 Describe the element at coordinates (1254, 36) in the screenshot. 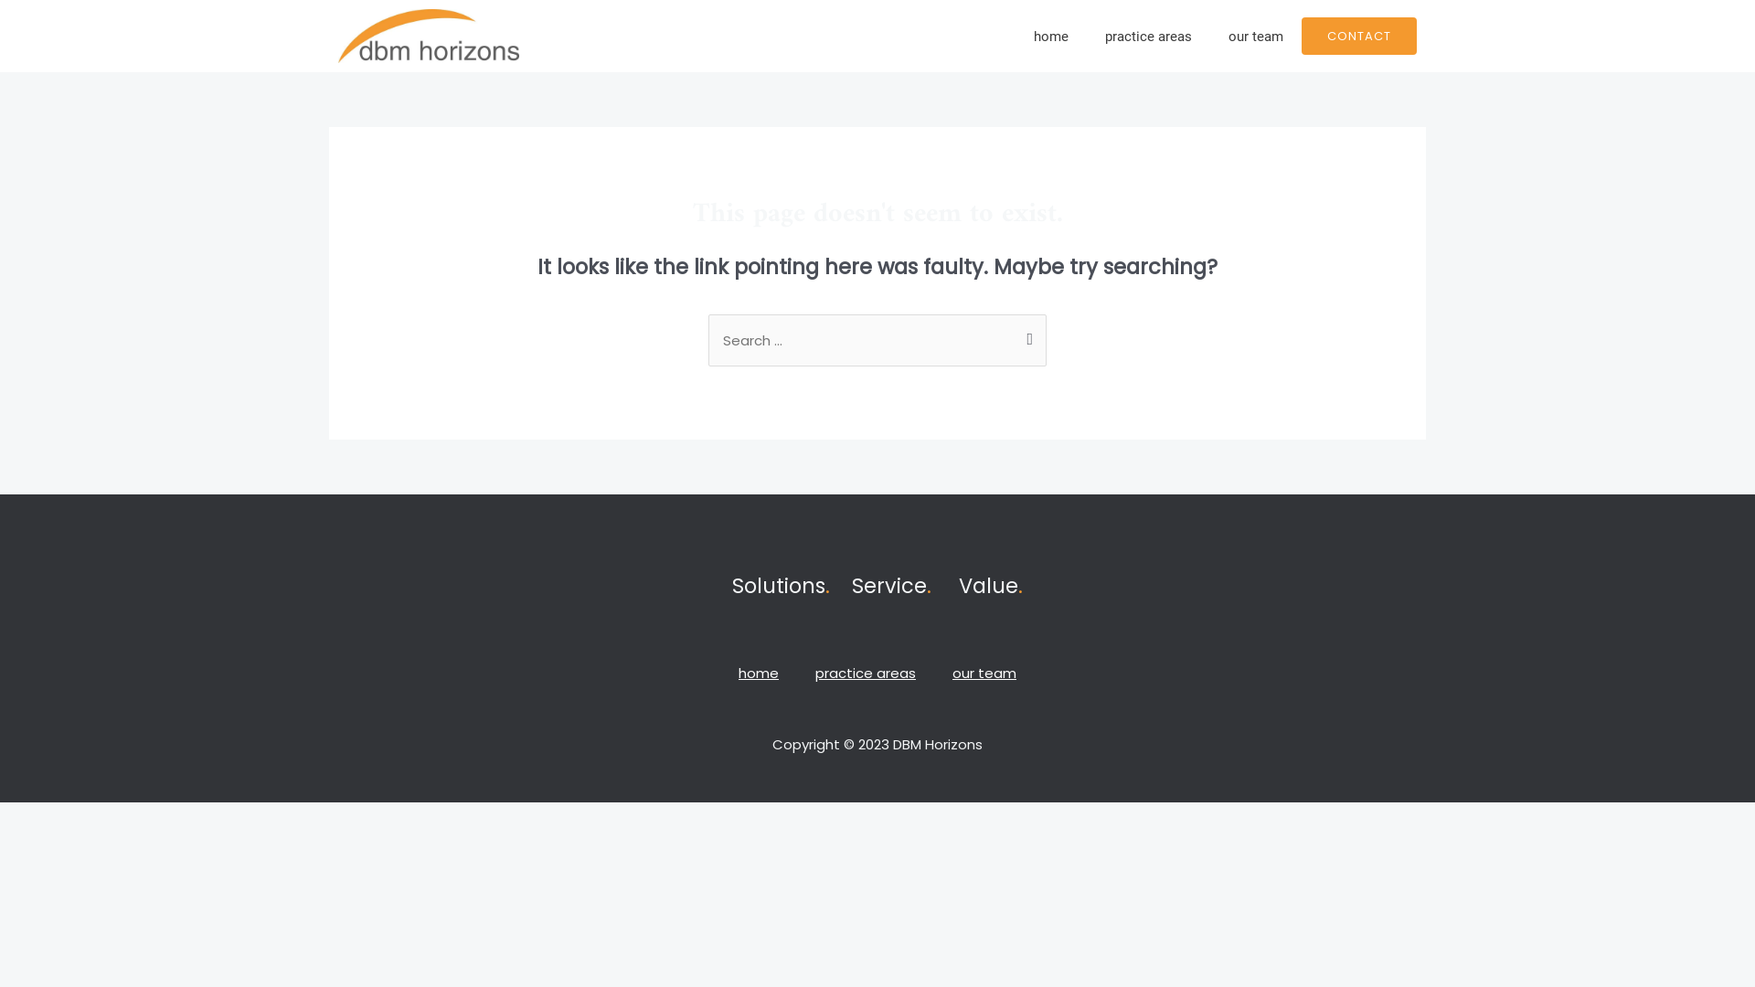

I see `'our team'` at that location.